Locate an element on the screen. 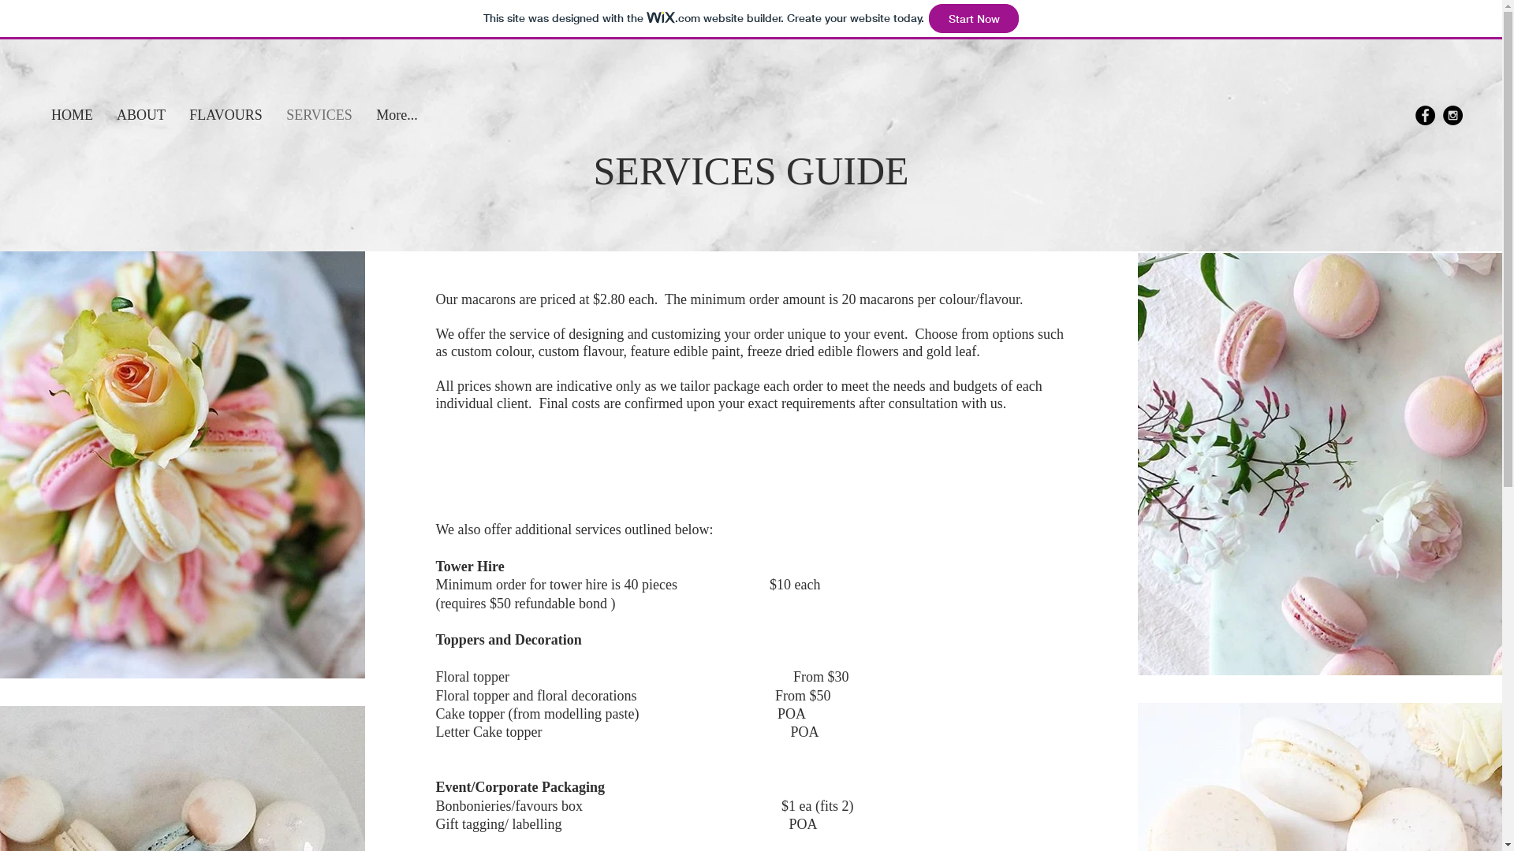  'ABOUT' is located at coordinates (104, 114).